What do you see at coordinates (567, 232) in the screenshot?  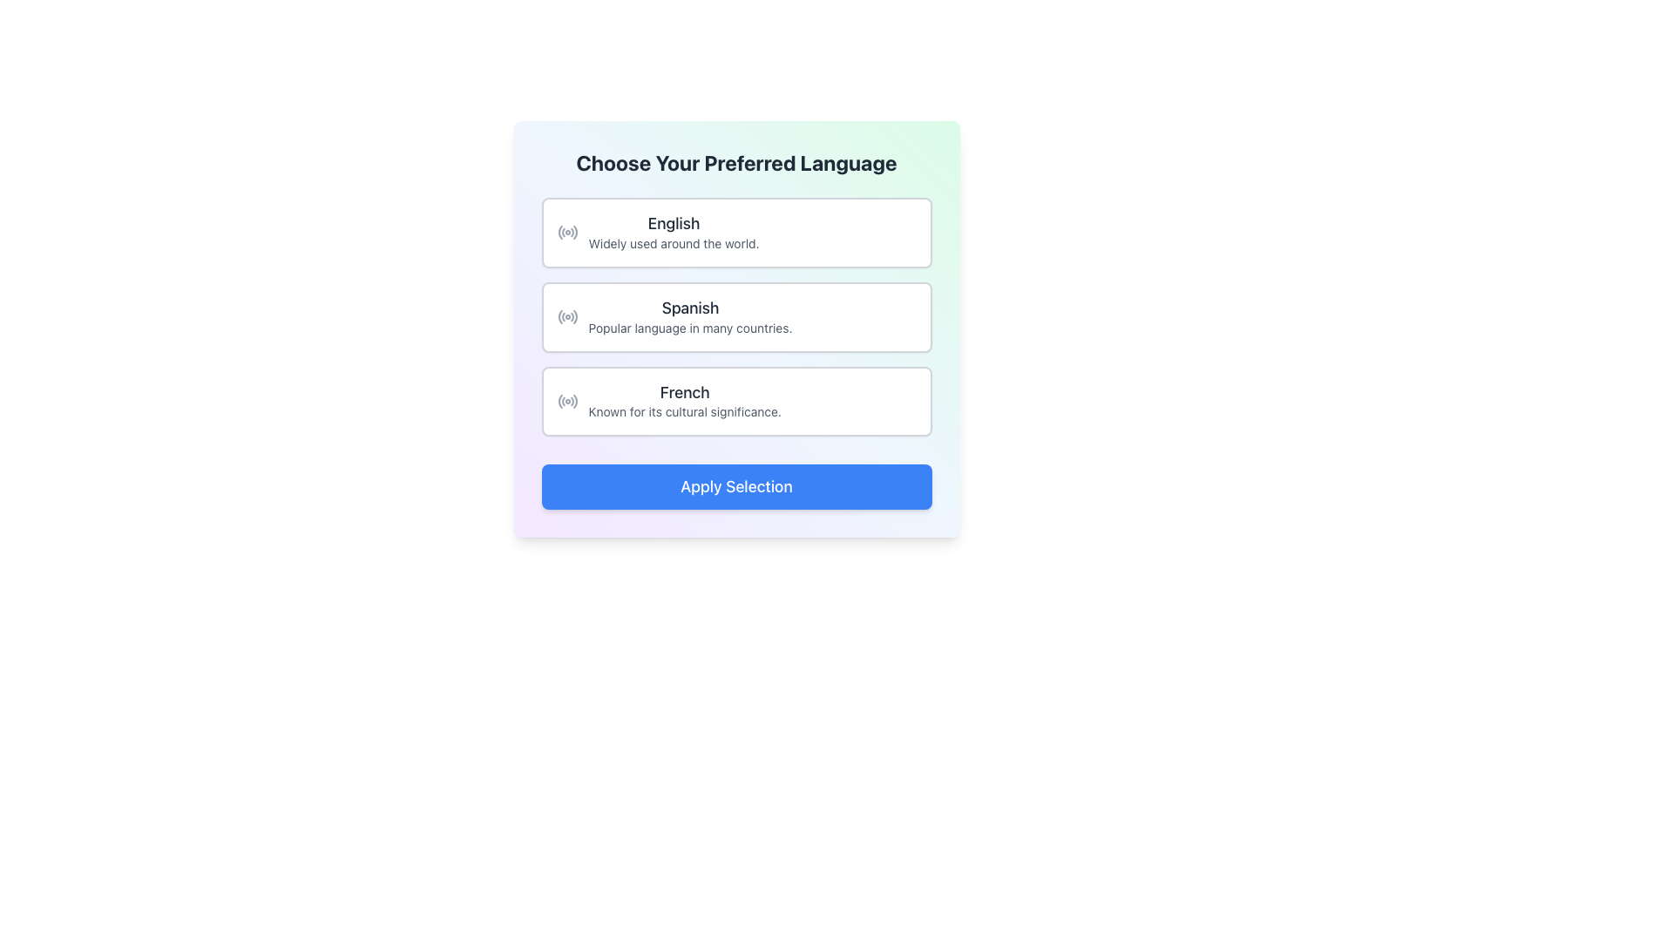 I see `the graphical icon resembling a radio signal, styled in muted gray, located to the left of the text 'English'` at bounding box center [567, 232].